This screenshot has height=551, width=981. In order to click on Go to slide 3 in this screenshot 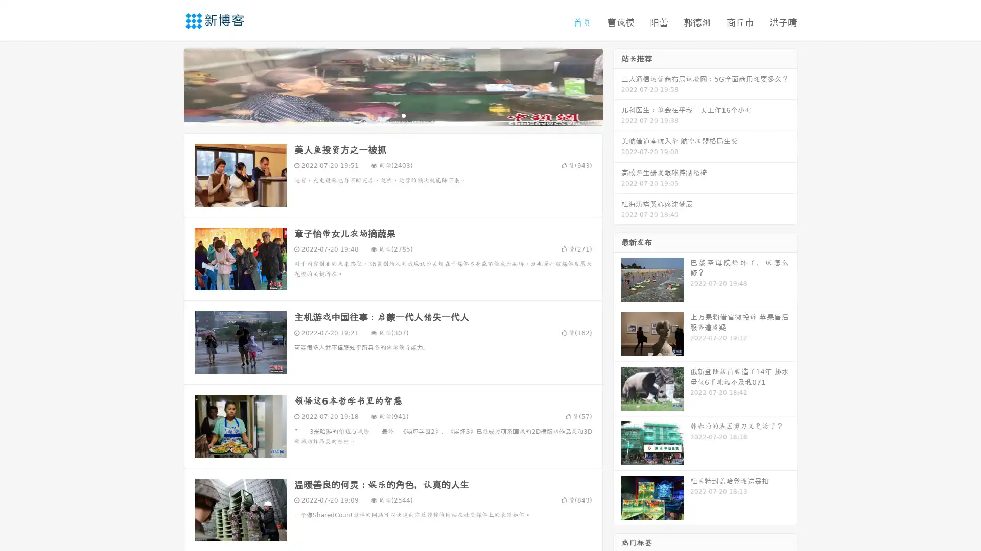, I will do `click(403, 115)`.